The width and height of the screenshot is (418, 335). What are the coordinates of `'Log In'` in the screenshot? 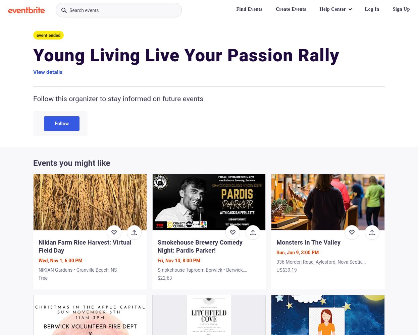 It's located at (371, 9).